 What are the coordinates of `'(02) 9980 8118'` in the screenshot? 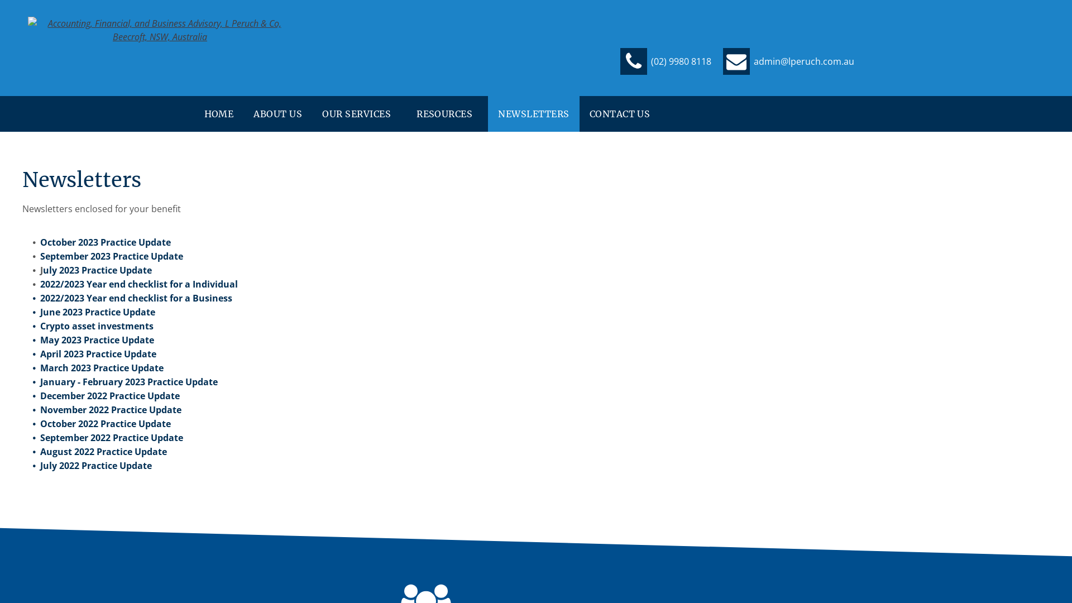 It's located at (666, 60).